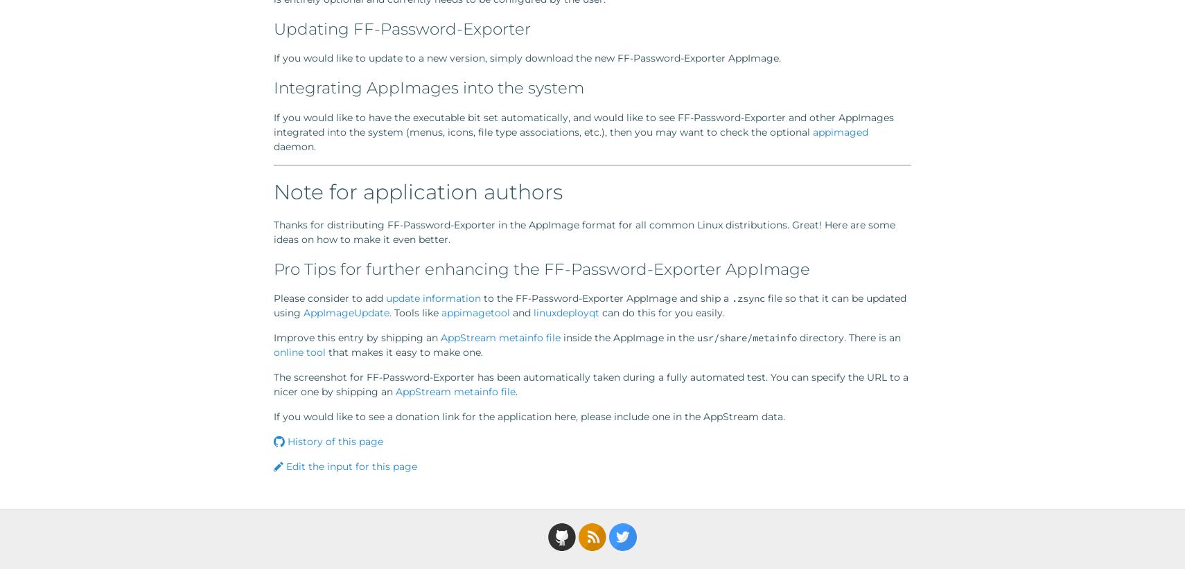  What do you see at coordinates (584, 231) in the screenshot?
I see `'Thanks for distributing FF-Password-Exporter in the AppImage format for all common Linux distributions. Great! Here are some ideas on how to make it even better.'` at bounding box center [584, 231].